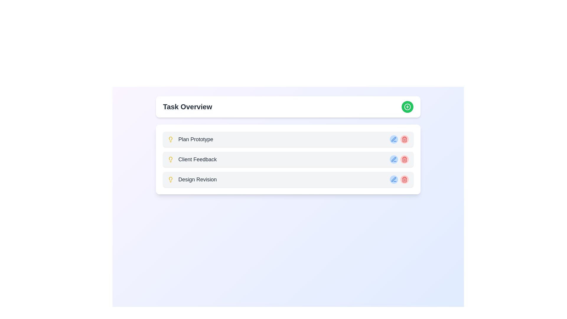 This screenshot has height=319, width=567. What do you see at coordinates (192, 159) in the screenshot?
I see `to select or open the 'Client Feedback' task represented by the second item in the vertical list under 'Task Overview'` at bounding box center [192, 159].